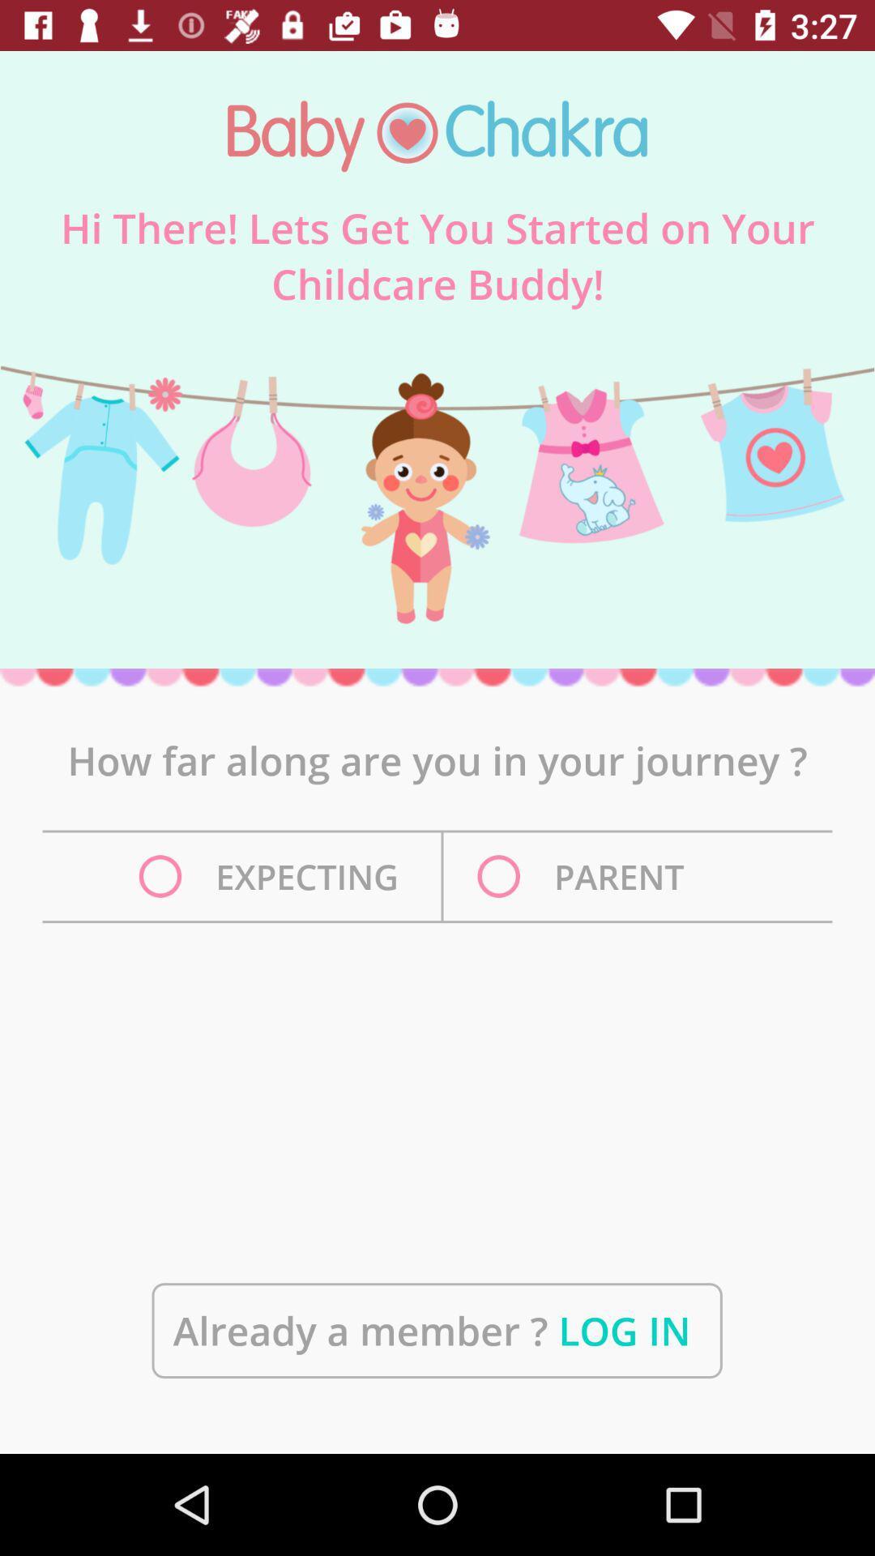 The height and width of the screenshot is (1556, 875). What do you see at coordinates (436, 1331) in the screenshot?
I see `already a member item` at bounding box center [436, 1331].